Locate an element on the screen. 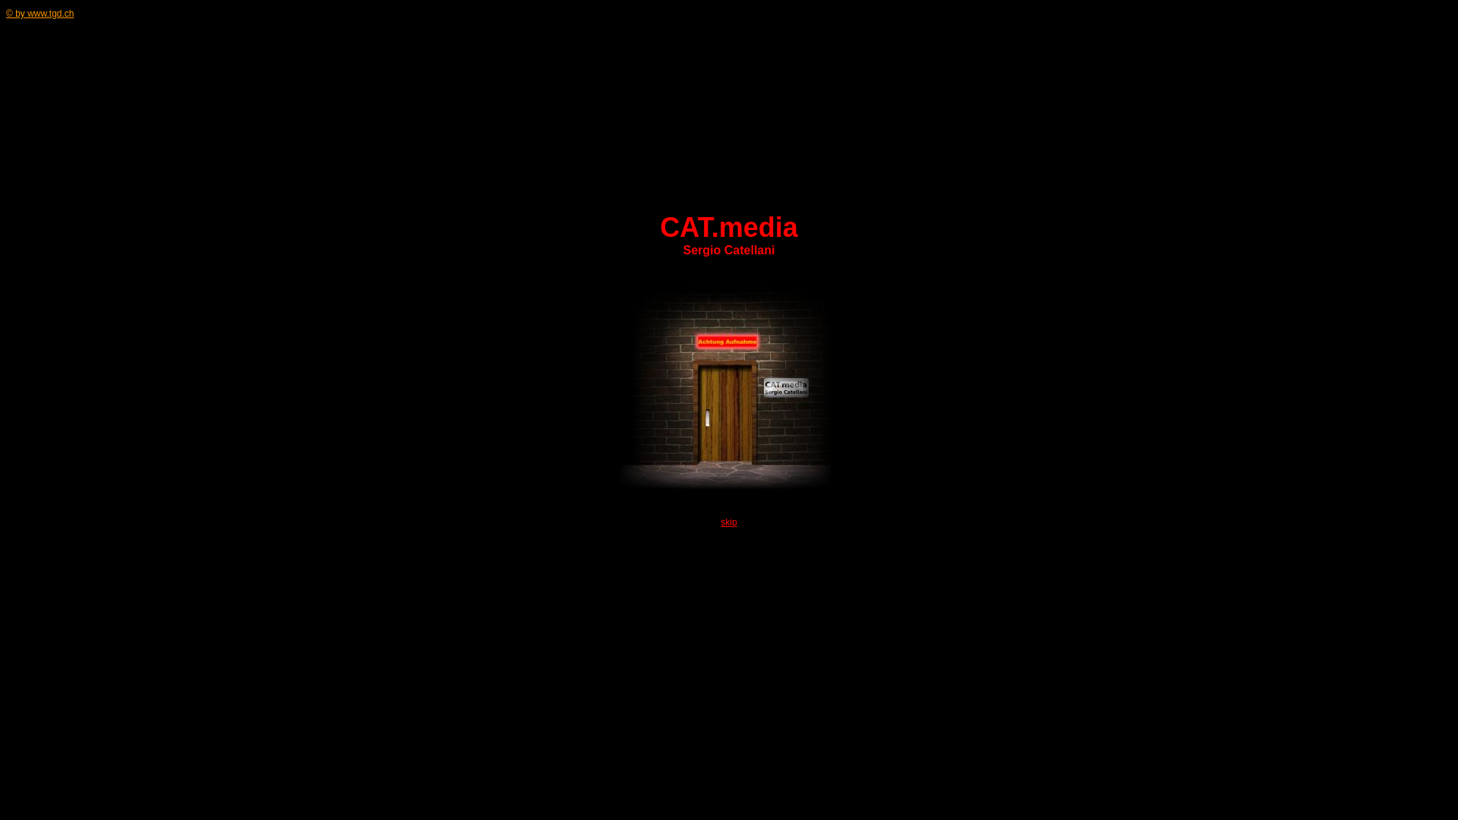 The width and height of the screenshot is (1458, 820). 'skip' is located at coordinates (727, 521).